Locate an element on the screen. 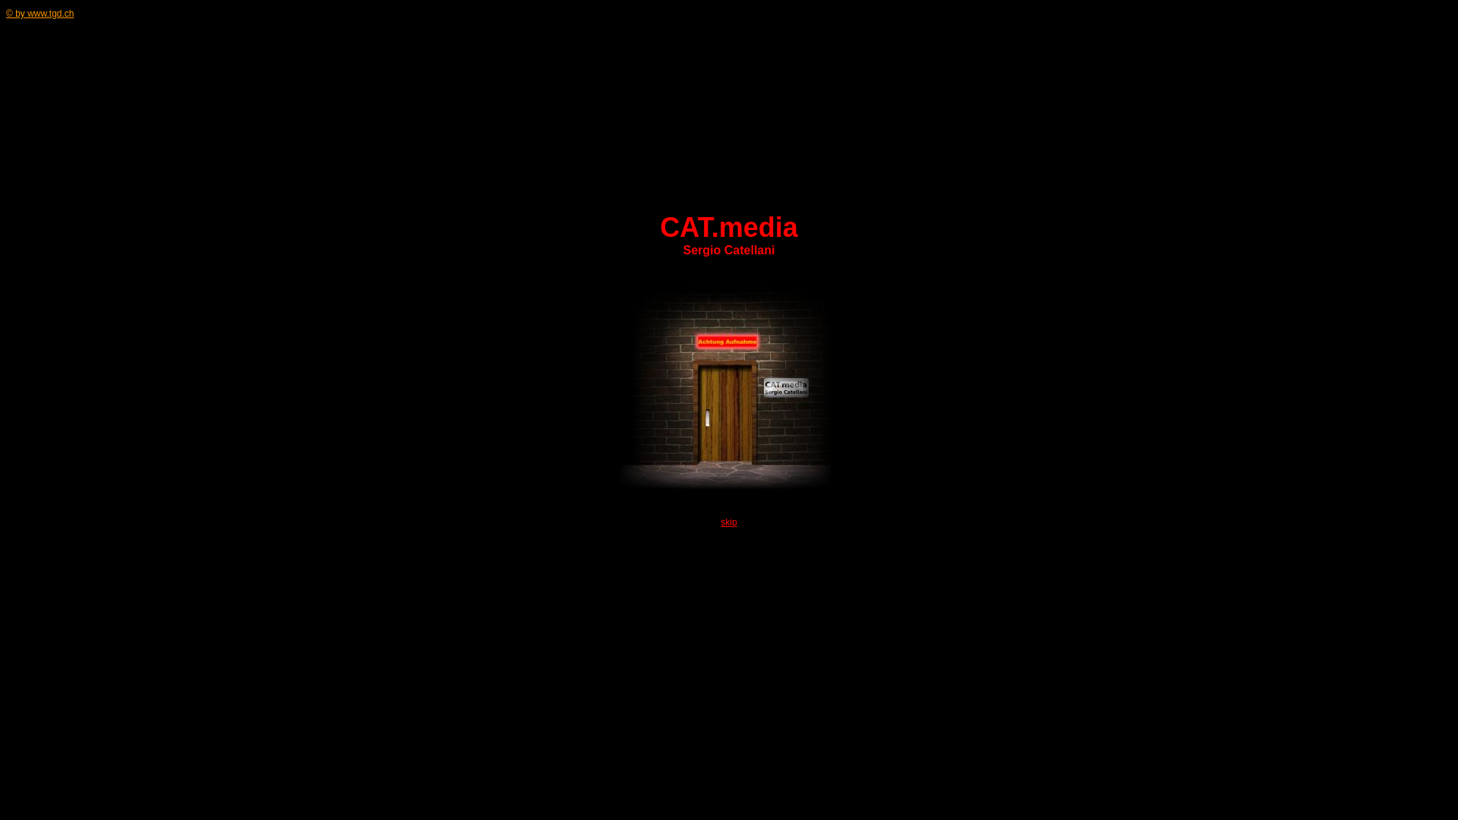 The width and height of the screenshot is (1458, 820). 'skip' is located at coordinates (727, 521).